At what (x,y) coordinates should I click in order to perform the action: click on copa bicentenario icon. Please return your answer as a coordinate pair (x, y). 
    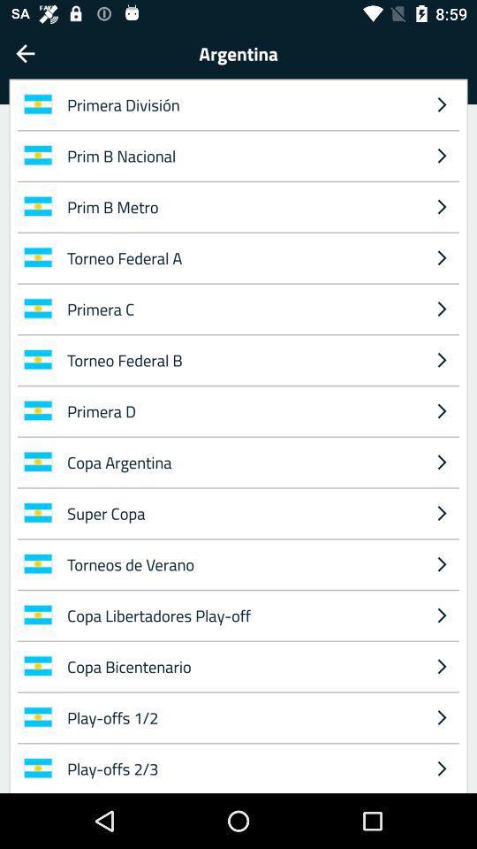
    Looking at the image, I should click on (240, 665).